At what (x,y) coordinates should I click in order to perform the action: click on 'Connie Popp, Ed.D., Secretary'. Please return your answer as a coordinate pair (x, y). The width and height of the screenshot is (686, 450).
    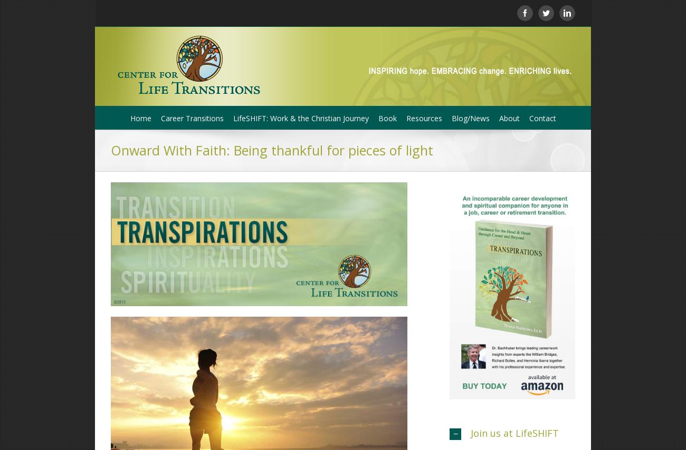
    Looking at the image, I should click on (430, 258).